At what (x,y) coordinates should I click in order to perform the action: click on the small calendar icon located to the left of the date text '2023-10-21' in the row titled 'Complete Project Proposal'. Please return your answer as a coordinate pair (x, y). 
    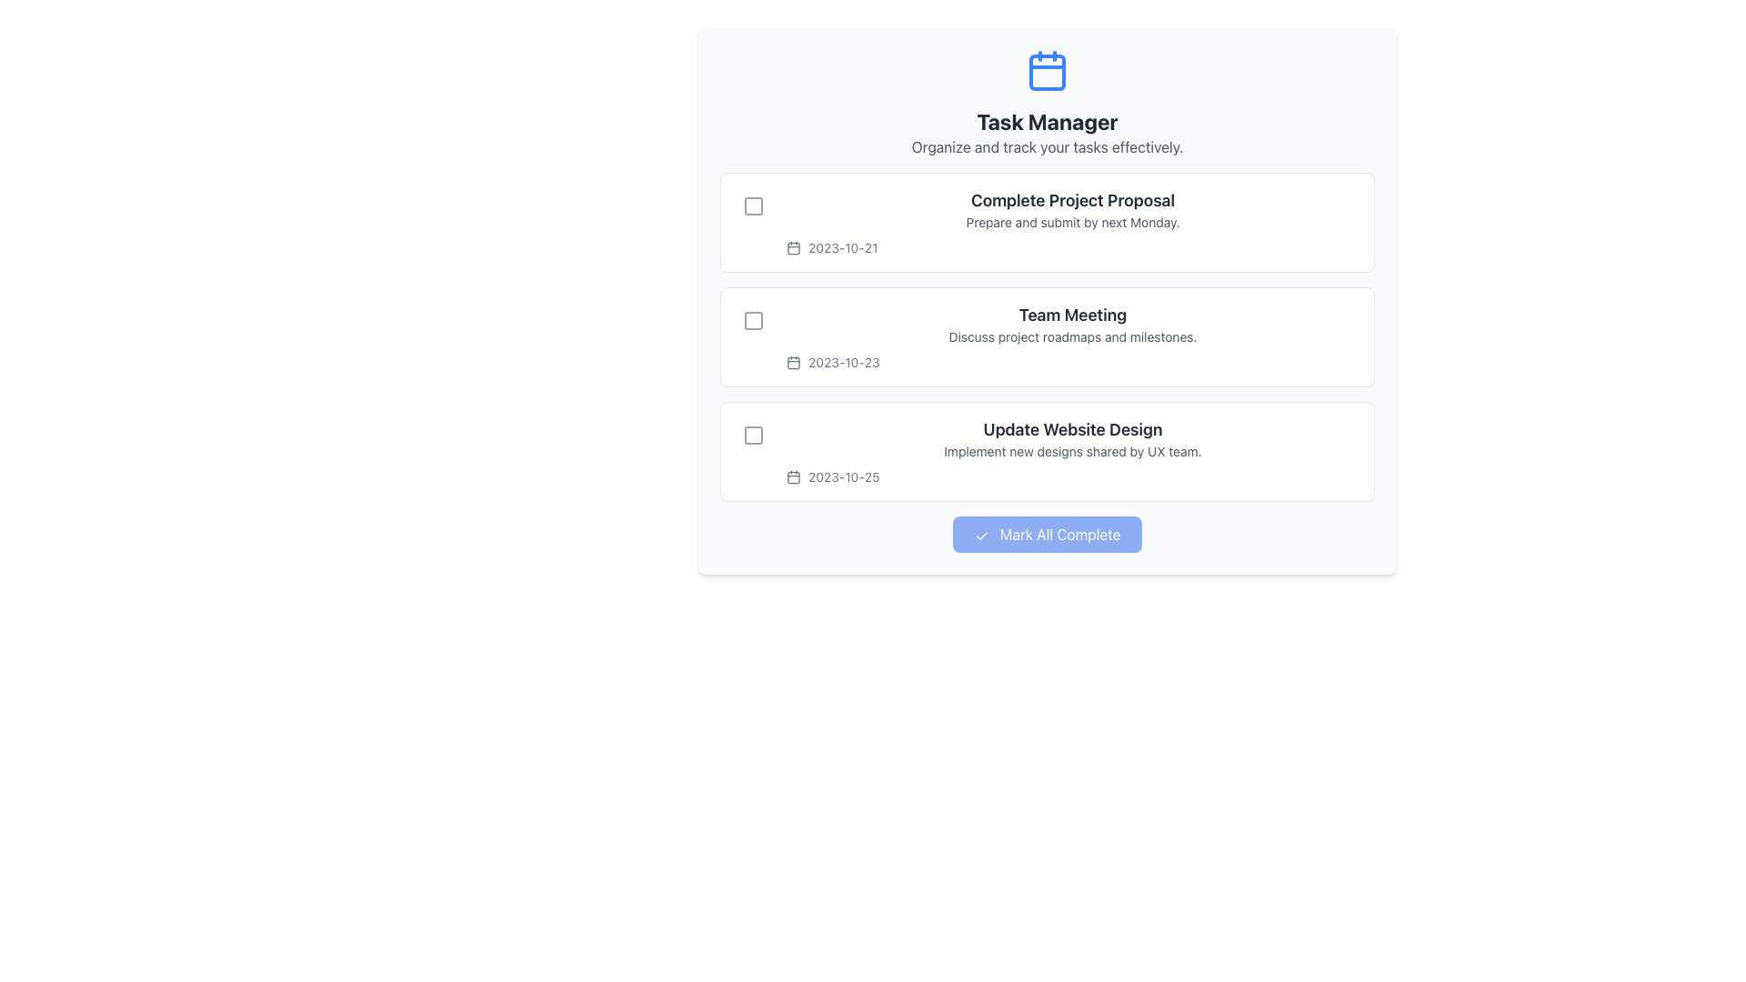
    Looking at the image, I should click on (794, 248).